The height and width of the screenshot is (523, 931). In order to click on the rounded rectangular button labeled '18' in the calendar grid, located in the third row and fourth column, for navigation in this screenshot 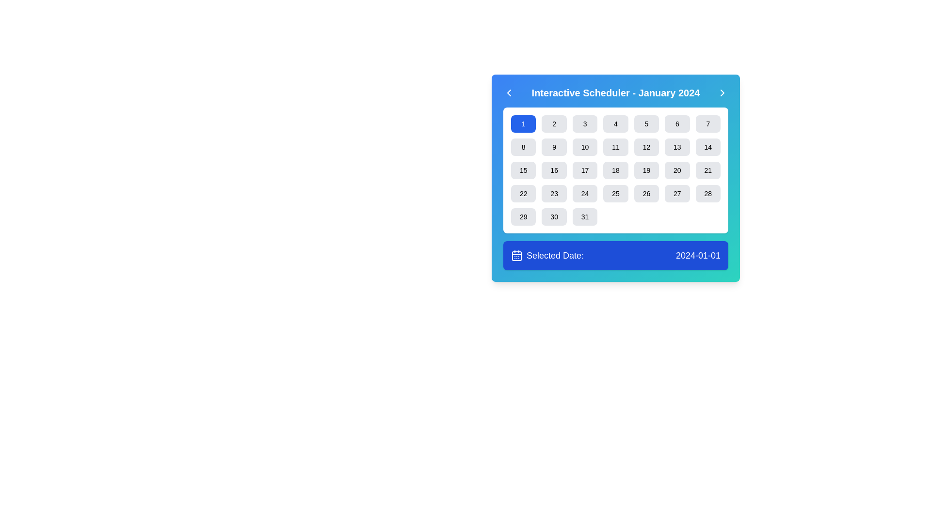, I will do `click(615, 169)`.